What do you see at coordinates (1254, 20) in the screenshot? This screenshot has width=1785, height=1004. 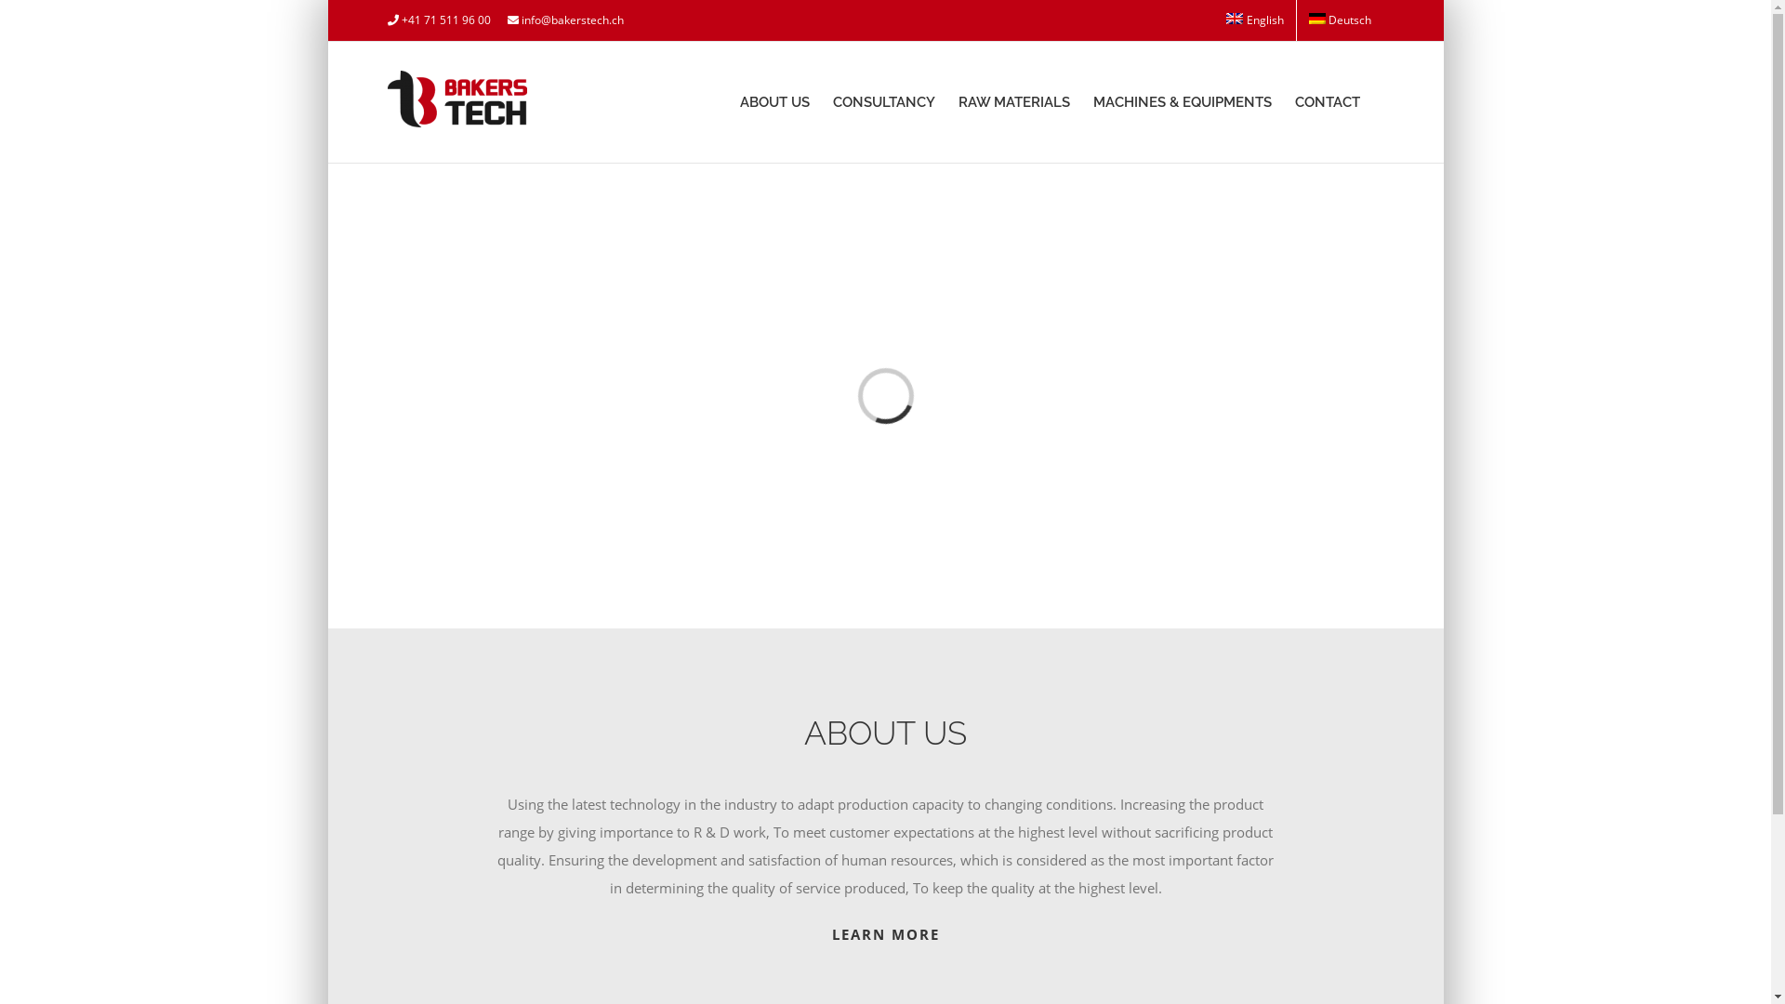 I see `'English'` at bounding box center [1254, 20].